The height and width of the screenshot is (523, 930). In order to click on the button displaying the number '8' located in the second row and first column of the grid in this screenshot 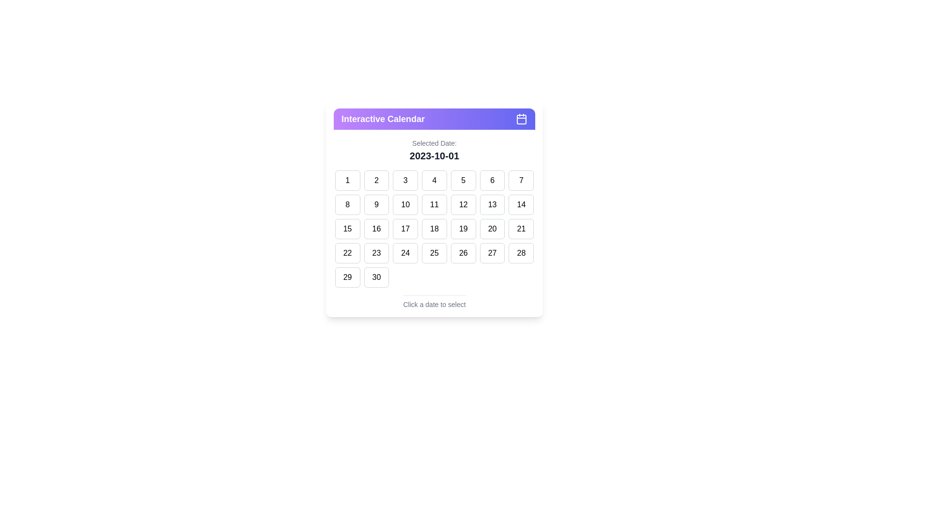, I will do `click(347, 204)`.